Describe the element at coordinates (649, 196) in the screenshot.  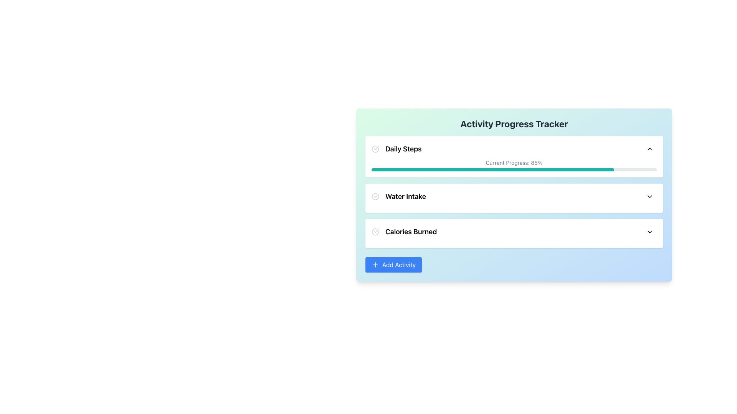
I see `the chevron icon that indicates the expandable 'Water Intake' section` at that location.